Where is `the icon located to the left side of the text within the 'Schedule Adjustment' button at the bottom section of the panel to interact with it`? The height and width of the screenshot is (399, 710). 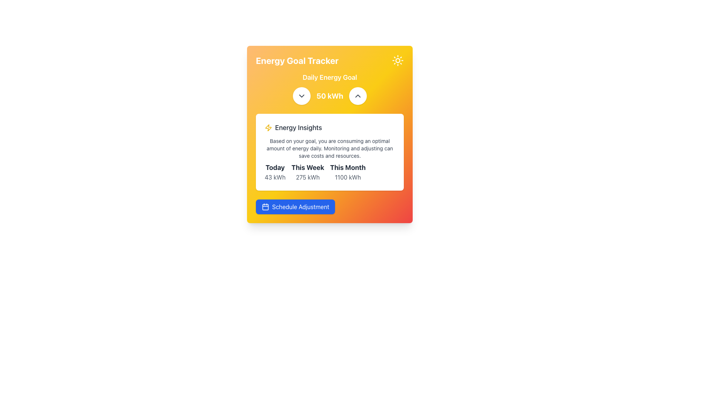
the icon located to the left side of the text within the 'Schedule Adjustment' button at the bottom section of the panel to interact with it is located at coordinates (266, 207).